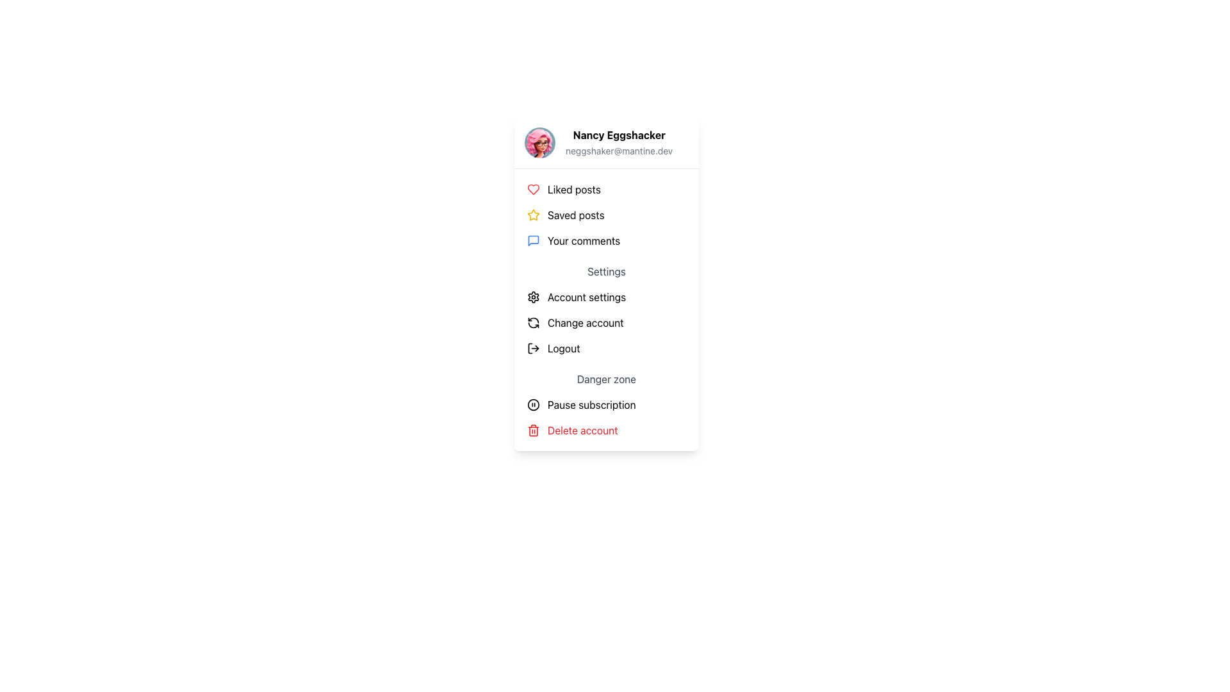  Describe the element at coordinates (575, 214) in the screenshot. I see `the 'Saved posts' menu item text label` at that location.